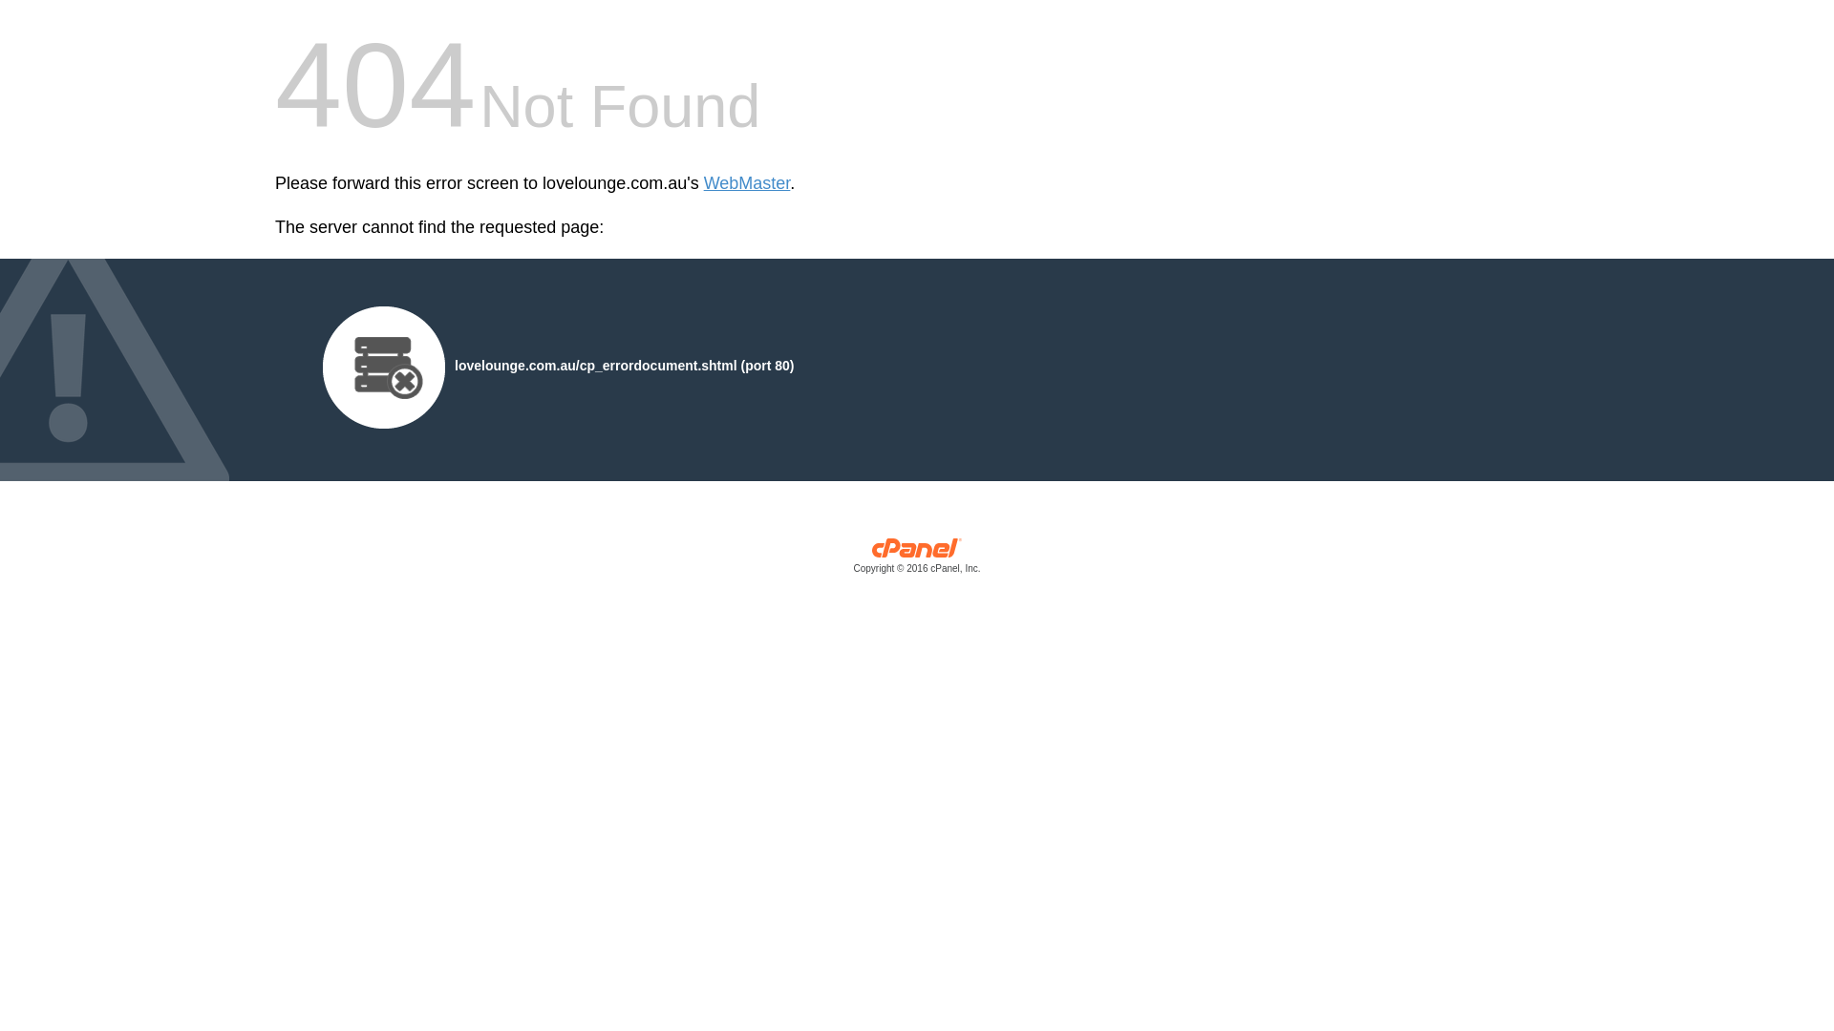  What do you see at coordinates (703, 183) in the screenshot?
I see `'WebMaster'` at bounding box center [703, 183].